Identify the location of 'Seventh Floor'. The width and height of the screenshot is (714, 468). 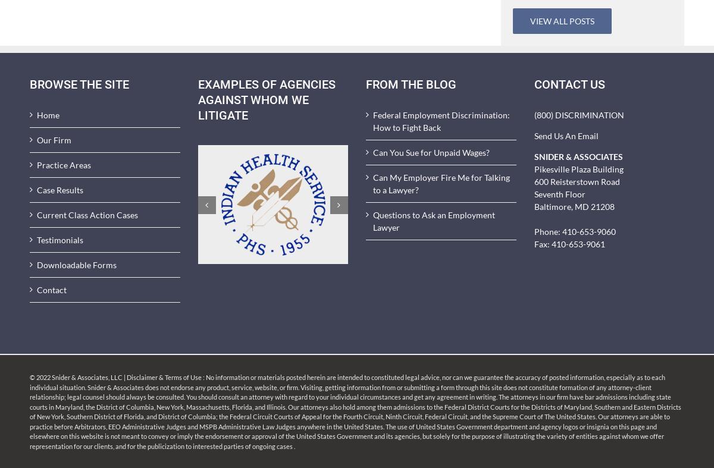
(559, 193).